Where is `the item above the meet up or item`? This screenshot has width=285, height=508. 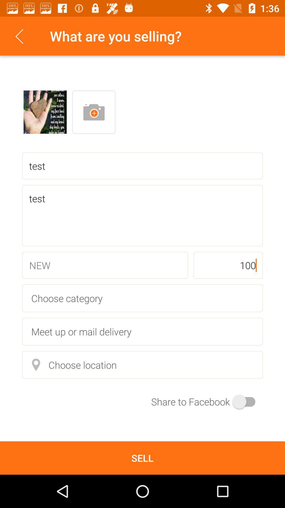 the item above the meet up or item is located at coordinates (142, 298).